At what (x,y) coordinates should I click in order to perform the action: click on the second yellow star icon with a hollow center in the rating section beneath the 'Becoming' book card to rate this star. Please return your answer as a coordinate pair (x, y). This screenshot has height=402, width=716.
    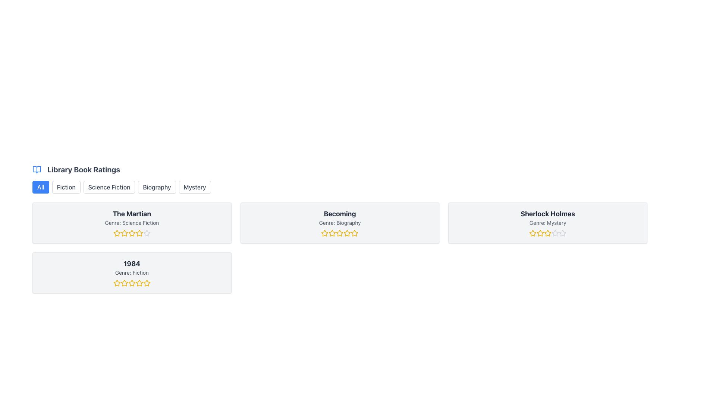
    Looking at the image, I should click on (325, 233).